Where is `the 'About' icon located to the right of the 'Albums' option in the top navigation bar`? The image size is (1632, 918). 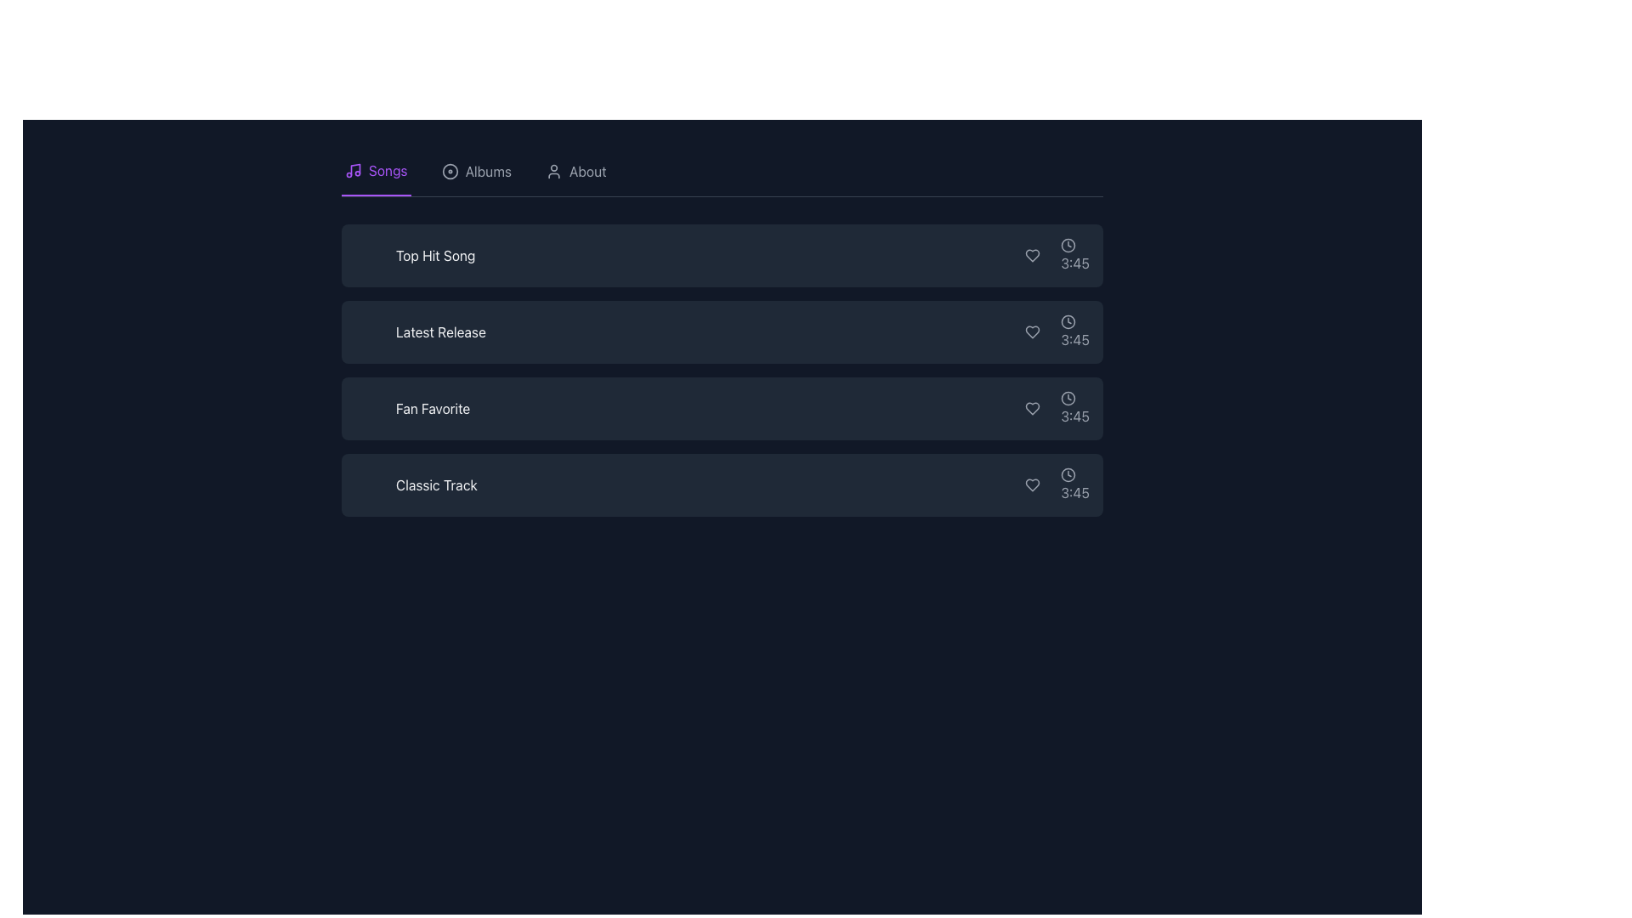 the 'About' icon located to the right of the 'Albums' option in the top navigation bar is located at coordinates (554, 171).